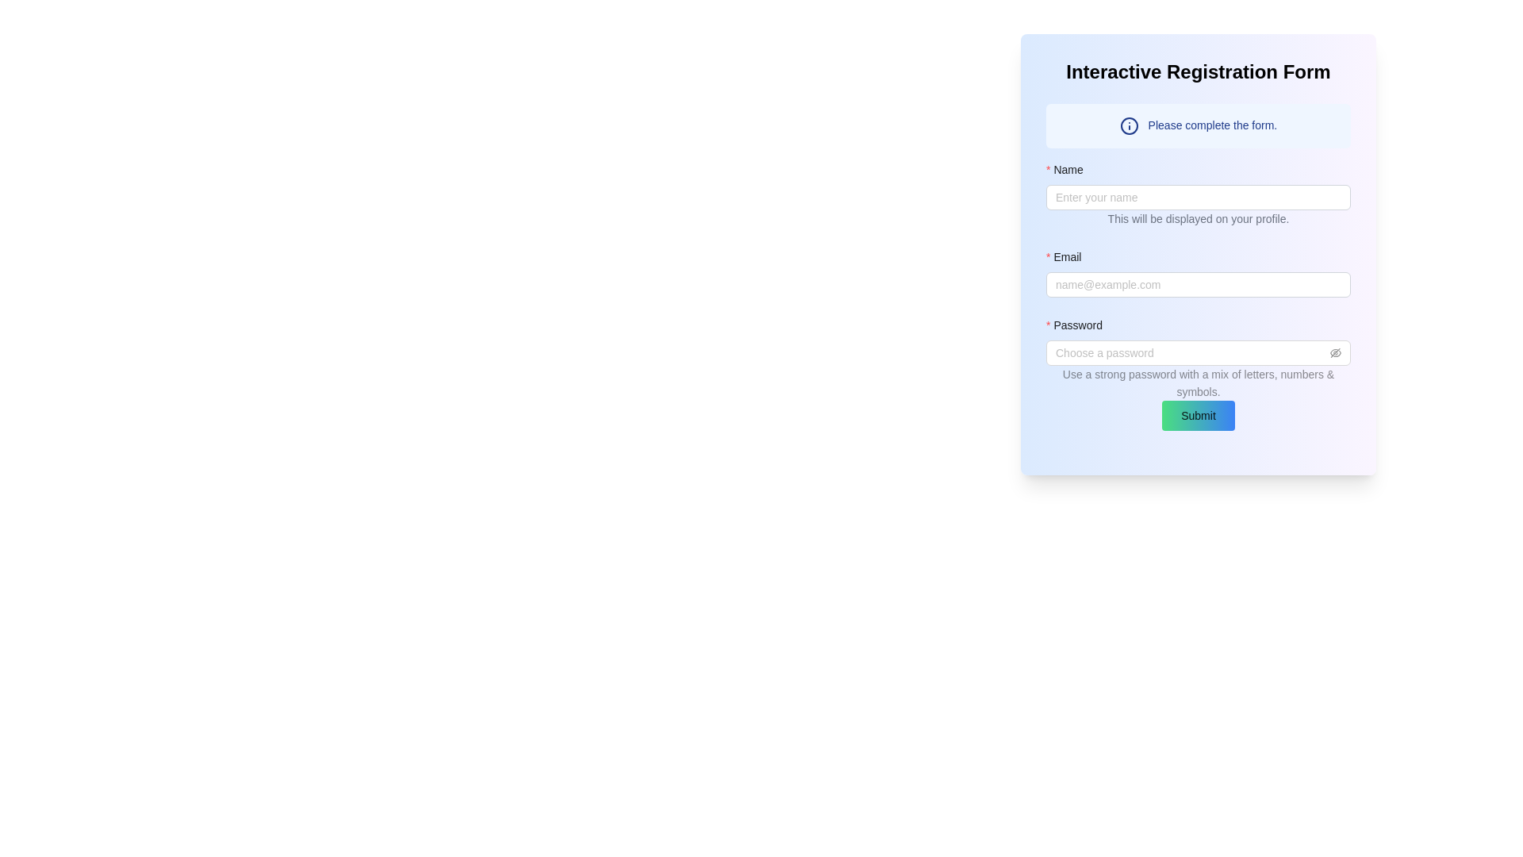 This screenshot has height=857, width=1523. Describe the element at coordinates (1079, 325) in the screenshot. I see `the password label that indicates the adjacent input field for password entry in the interactive registration form` at that location.